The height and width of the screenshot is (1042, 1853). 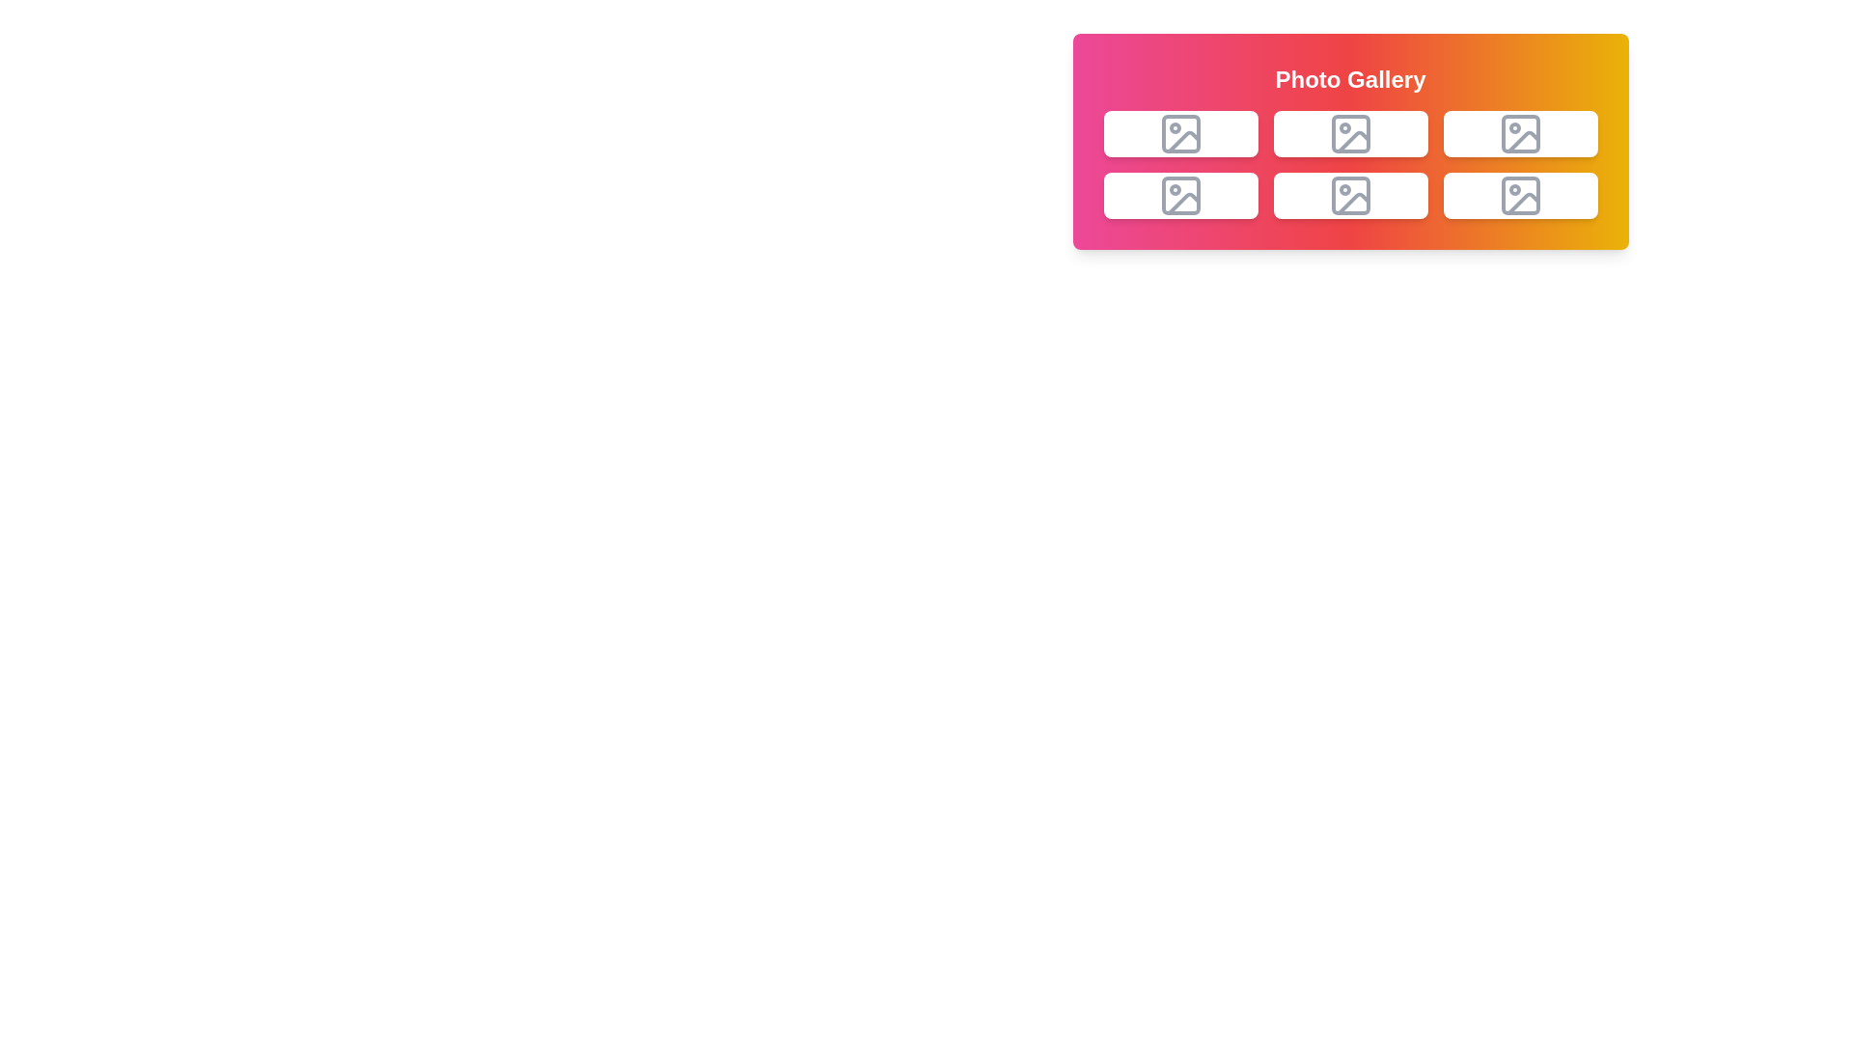 What do you see at coordinates (1179, 196) in the screenshot?
I see `the SVG shape element in the second row and first column of the grid layout within the 'Photo Gallery' section, which serves as an image placeholder` at bounding box center [1179, 196].